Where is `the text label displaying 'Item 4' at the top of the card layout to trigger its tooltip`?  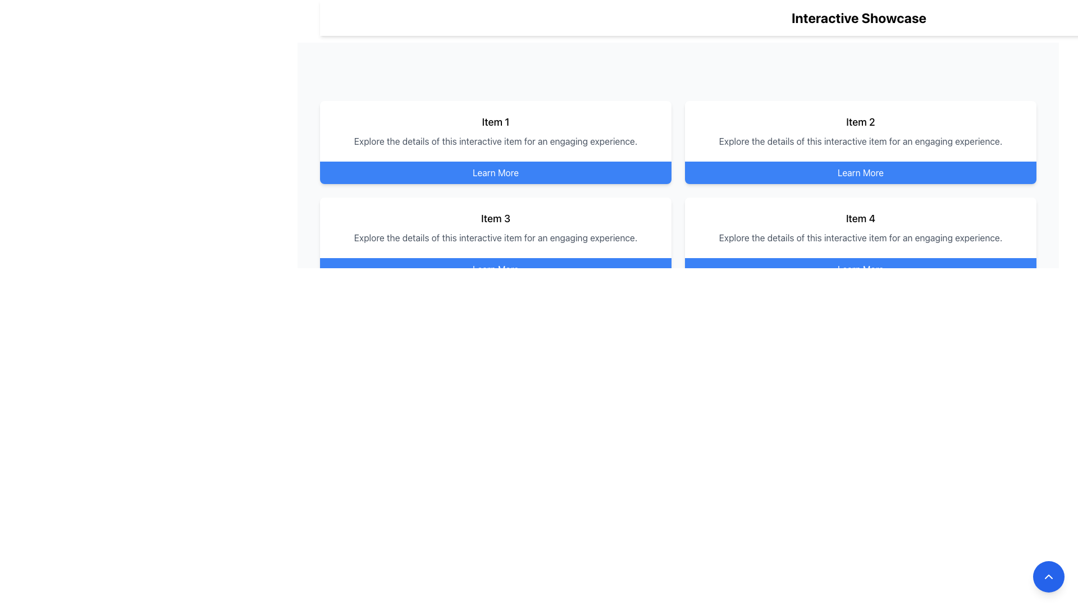 the text label displaying 'Item 4' at the top of the card layout to trigger its tooltip is located at coordinates (860, 218).